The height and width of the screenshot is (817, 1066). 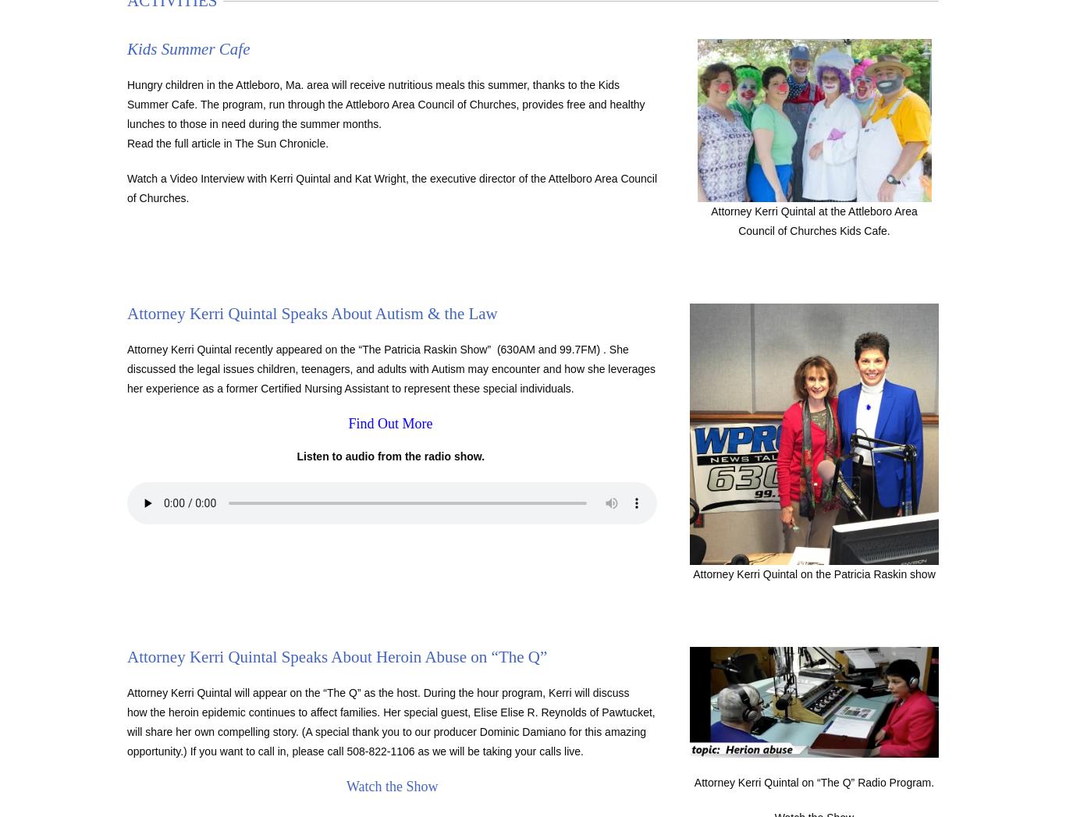 What do you see at coordinates (391, 721) in the screenshot?
I see `'Attorney Kerri Quintal will appear on the “The Q” as the host. During the hour program, Kerri will discuss how the heroin epidemic continues to affect families. Her special guest, Elise Elise R. Reynolds of Pawtucket, will share her own compelling story. (A special thank you to our producer Dominic Damiano for this amazing opportunity.) If you want to call in, please call 508-822-1106 as we will be taking your calls live.'` at bounding box center [391, 721].